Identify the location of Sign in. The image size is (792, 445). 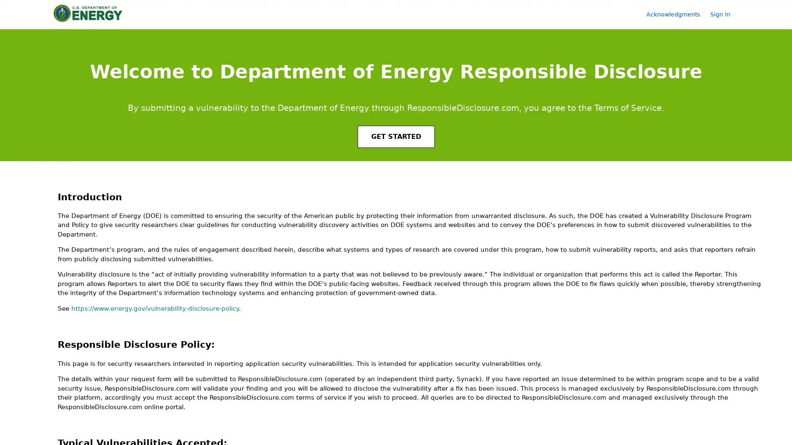
(724, 14).